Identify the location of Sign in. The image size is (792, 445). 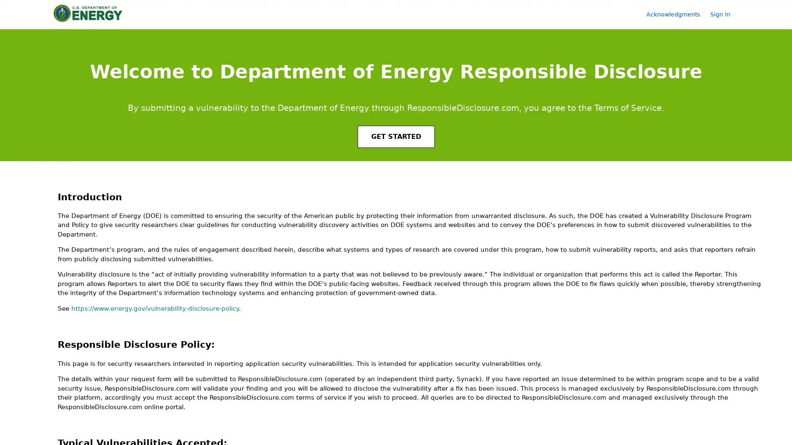
(724, 14).